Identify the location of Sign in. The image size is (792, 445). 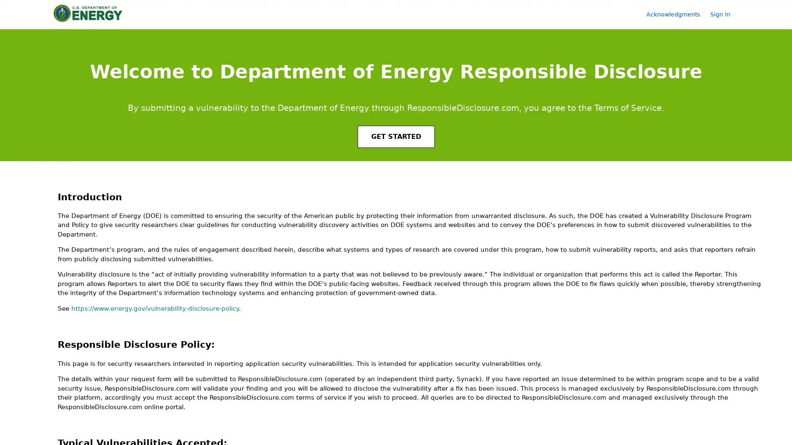
(724, 14).